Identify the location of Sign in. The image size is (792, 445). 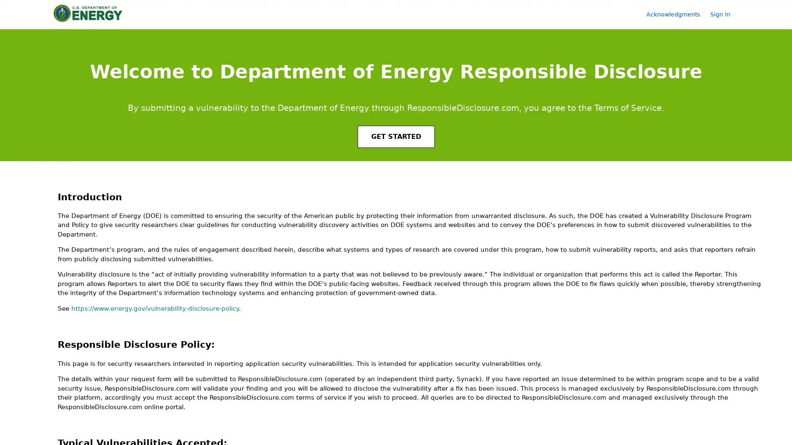
(724, 14).